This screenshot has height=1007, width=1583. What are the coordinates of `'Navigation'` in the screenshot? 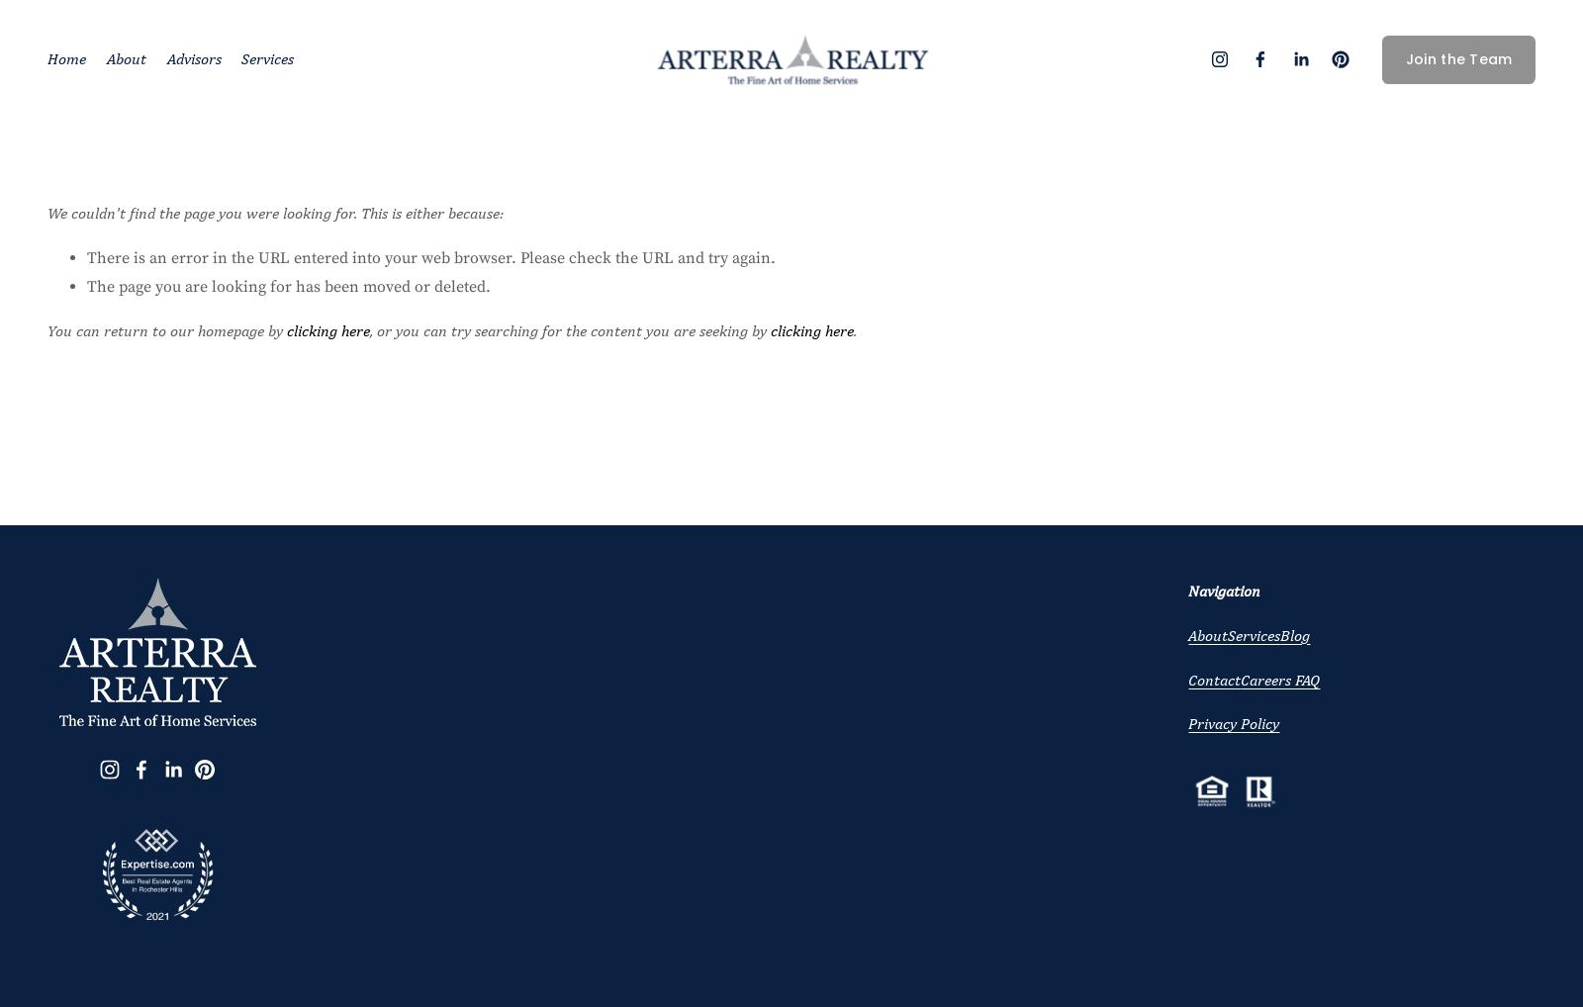 It's located at (1223, 590).